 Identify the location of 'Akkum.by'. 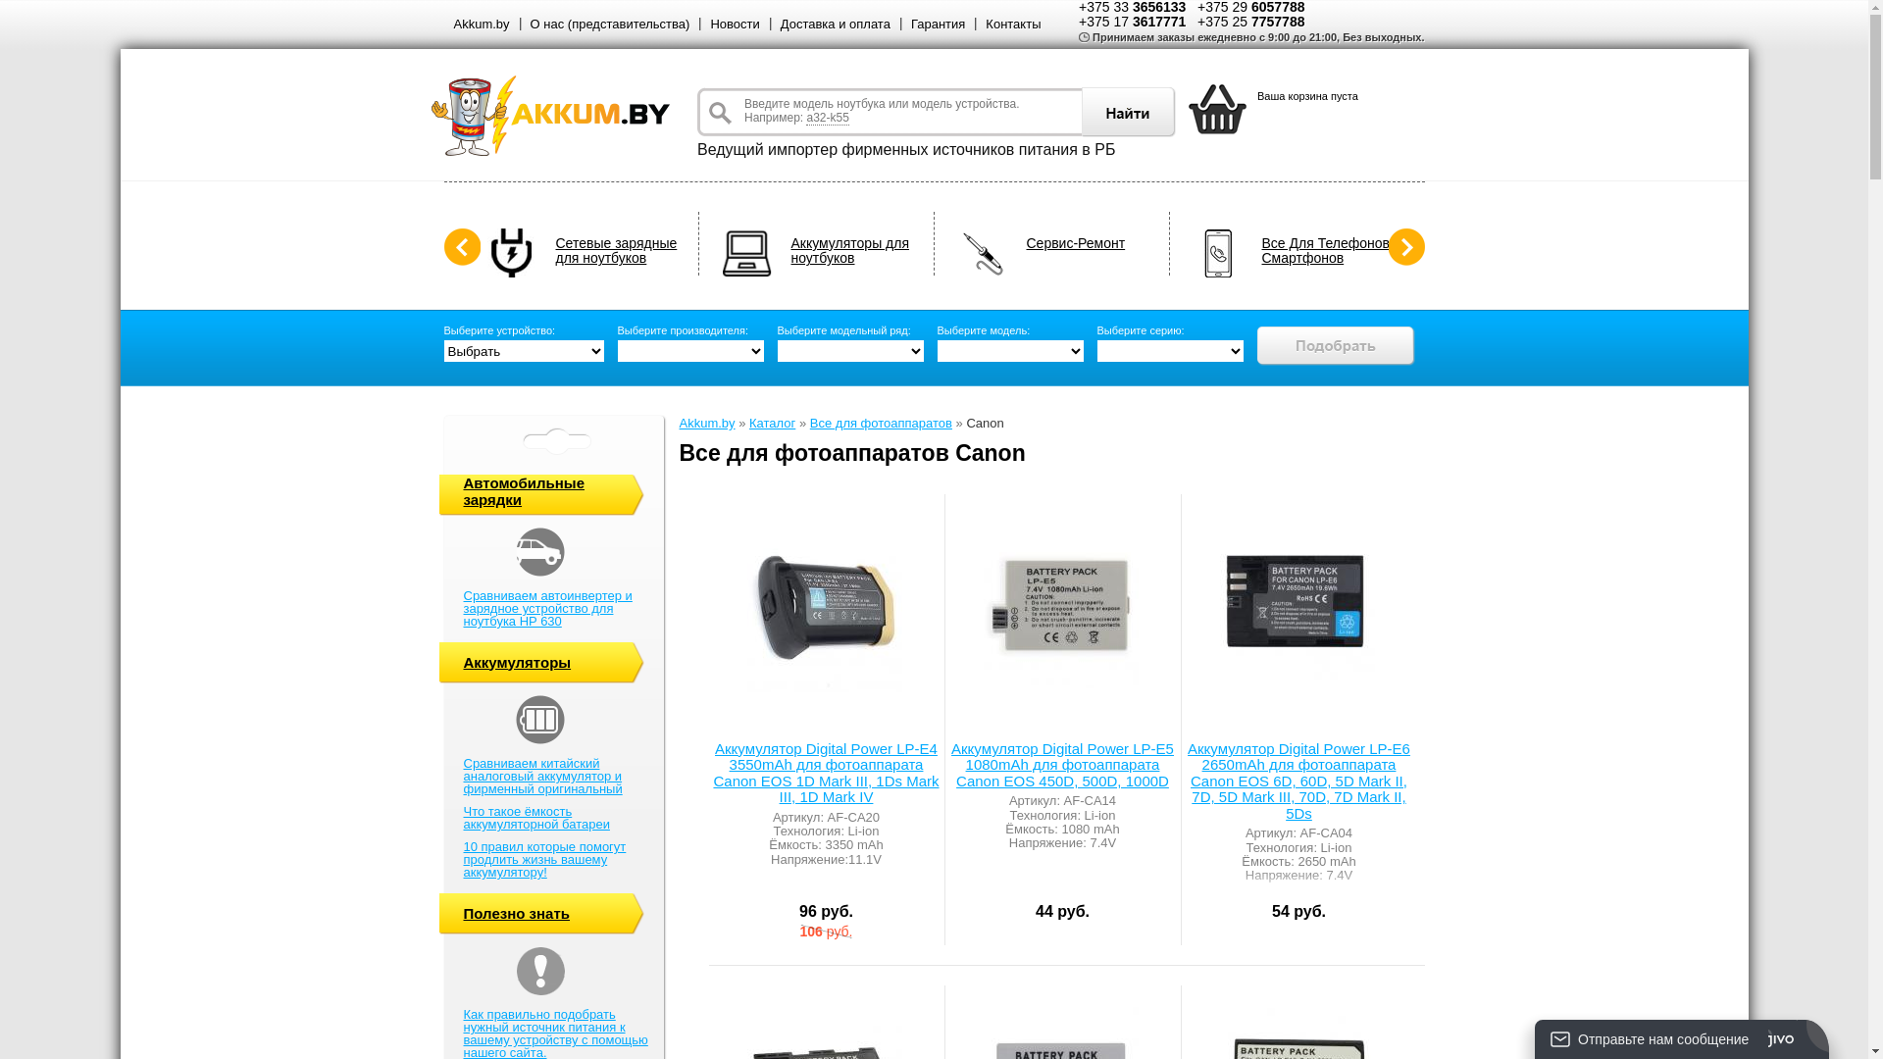
(481, 24).